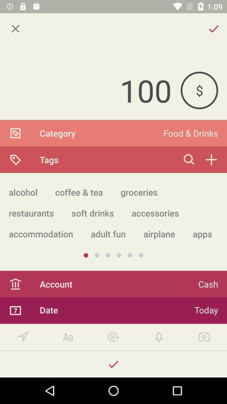  What do you see at coordinates (211, 159) in the screenshot?
I see `the add icon` at bounding box center [211, 159].